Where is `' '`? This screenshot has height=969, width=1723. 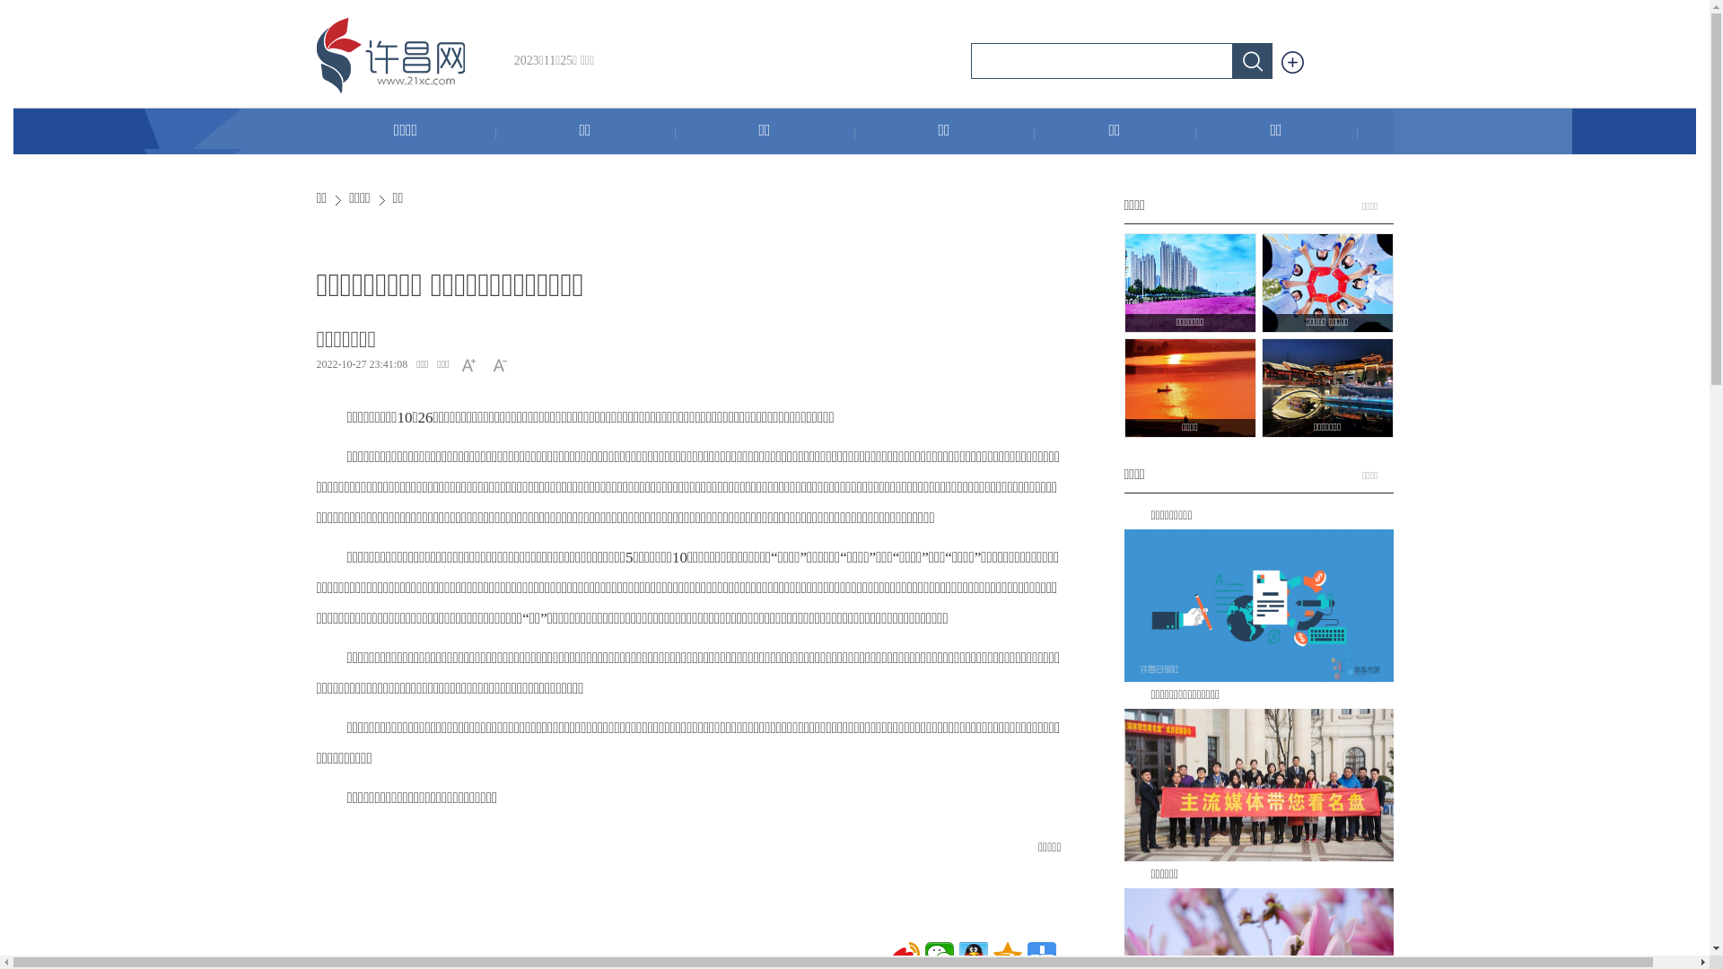 ' ' is located at coordinates (1292, 61).